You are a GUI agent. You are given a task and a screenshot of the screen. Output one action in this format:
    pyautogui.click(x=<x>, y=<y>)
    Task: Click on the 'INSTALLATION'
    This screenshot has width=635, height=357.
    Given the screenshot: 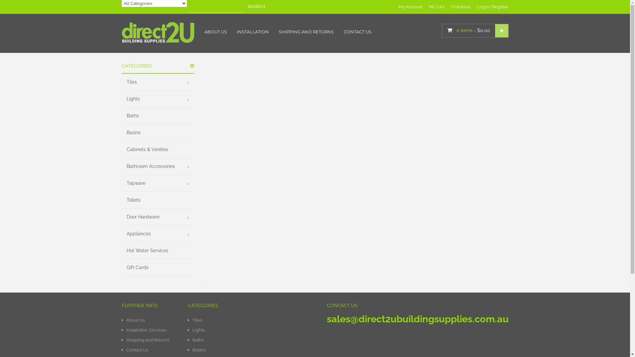 What is the action you would take?
    pyautogui.click(x=252, y=32)
    